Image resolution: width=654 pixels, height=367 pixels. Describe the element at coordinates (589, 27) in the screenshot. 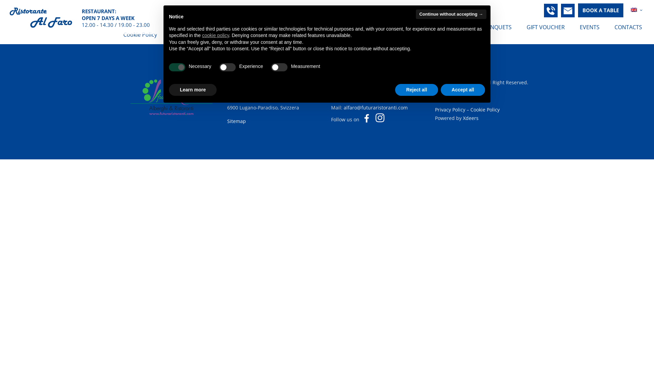

I see `'EVENTS'` at that location.